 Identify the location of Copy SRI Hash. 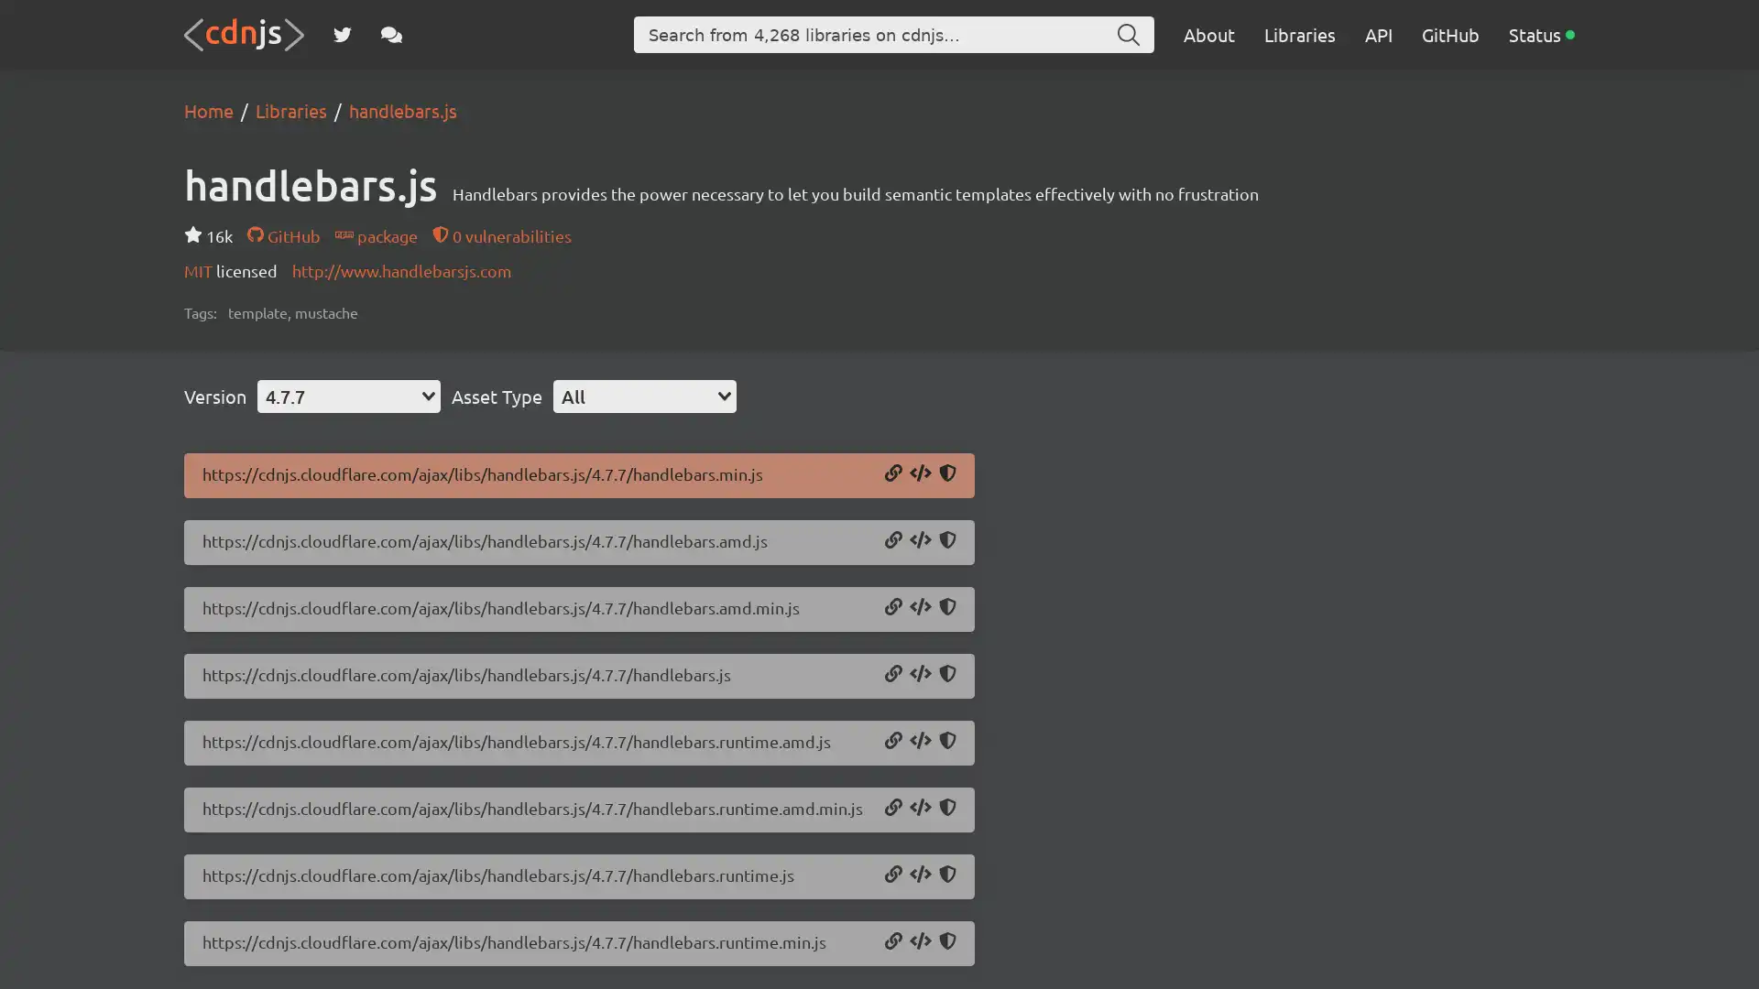
(947, 942).